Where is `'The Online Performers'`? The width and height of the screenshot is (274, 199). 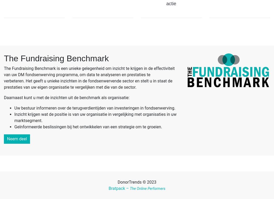 'The Online Performers' is located at coordinates (147, 189).